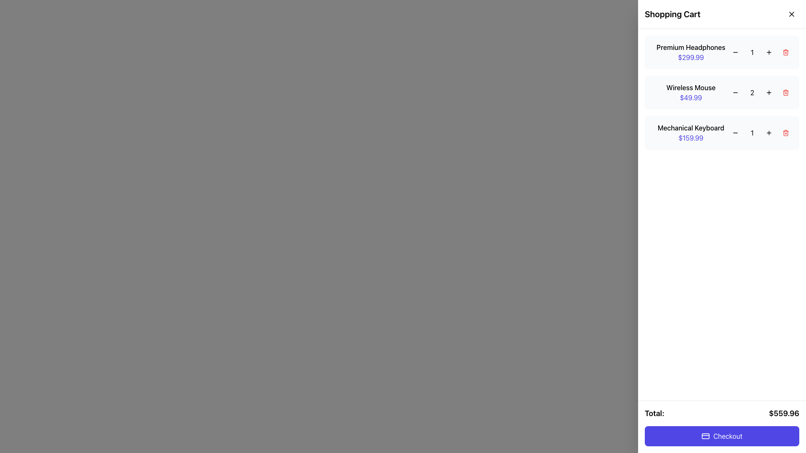  What do you see at coordinates (691, 132) in the screenshot?
I see `text information displayed in the third item of the shopping cart, which shows 'Mechanical Keyboard' in bold black font above the price '$159.99' in blue font` at bounding box center [691, 132].